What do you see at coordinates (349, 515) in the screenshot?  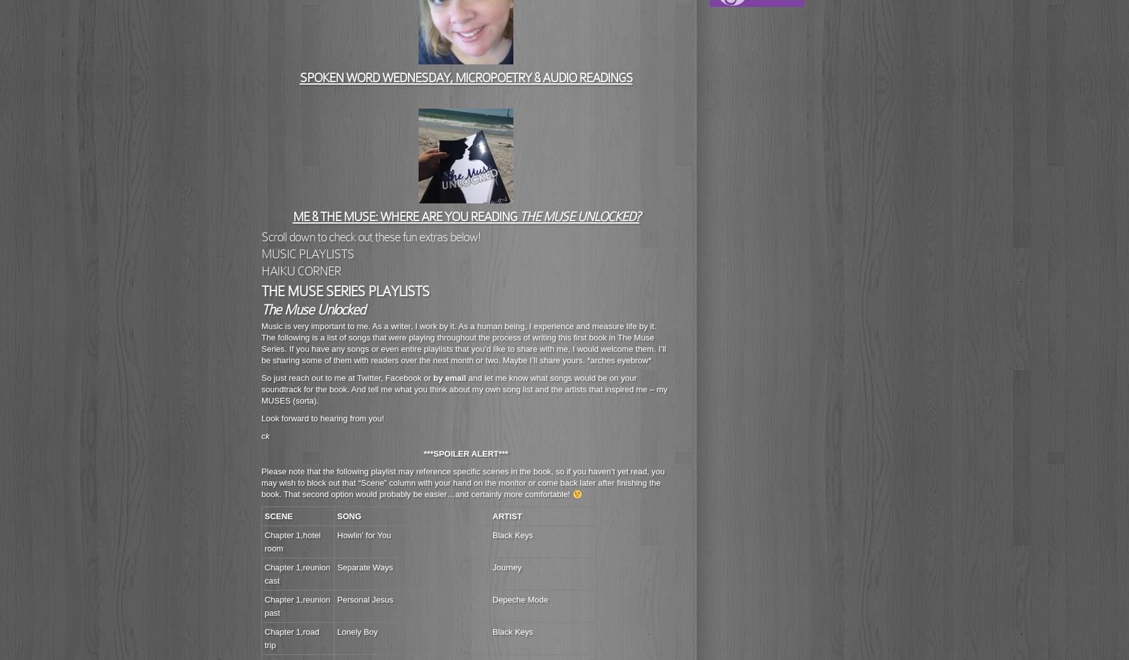 I see `'SONG'` at bounding box center [349, 515].